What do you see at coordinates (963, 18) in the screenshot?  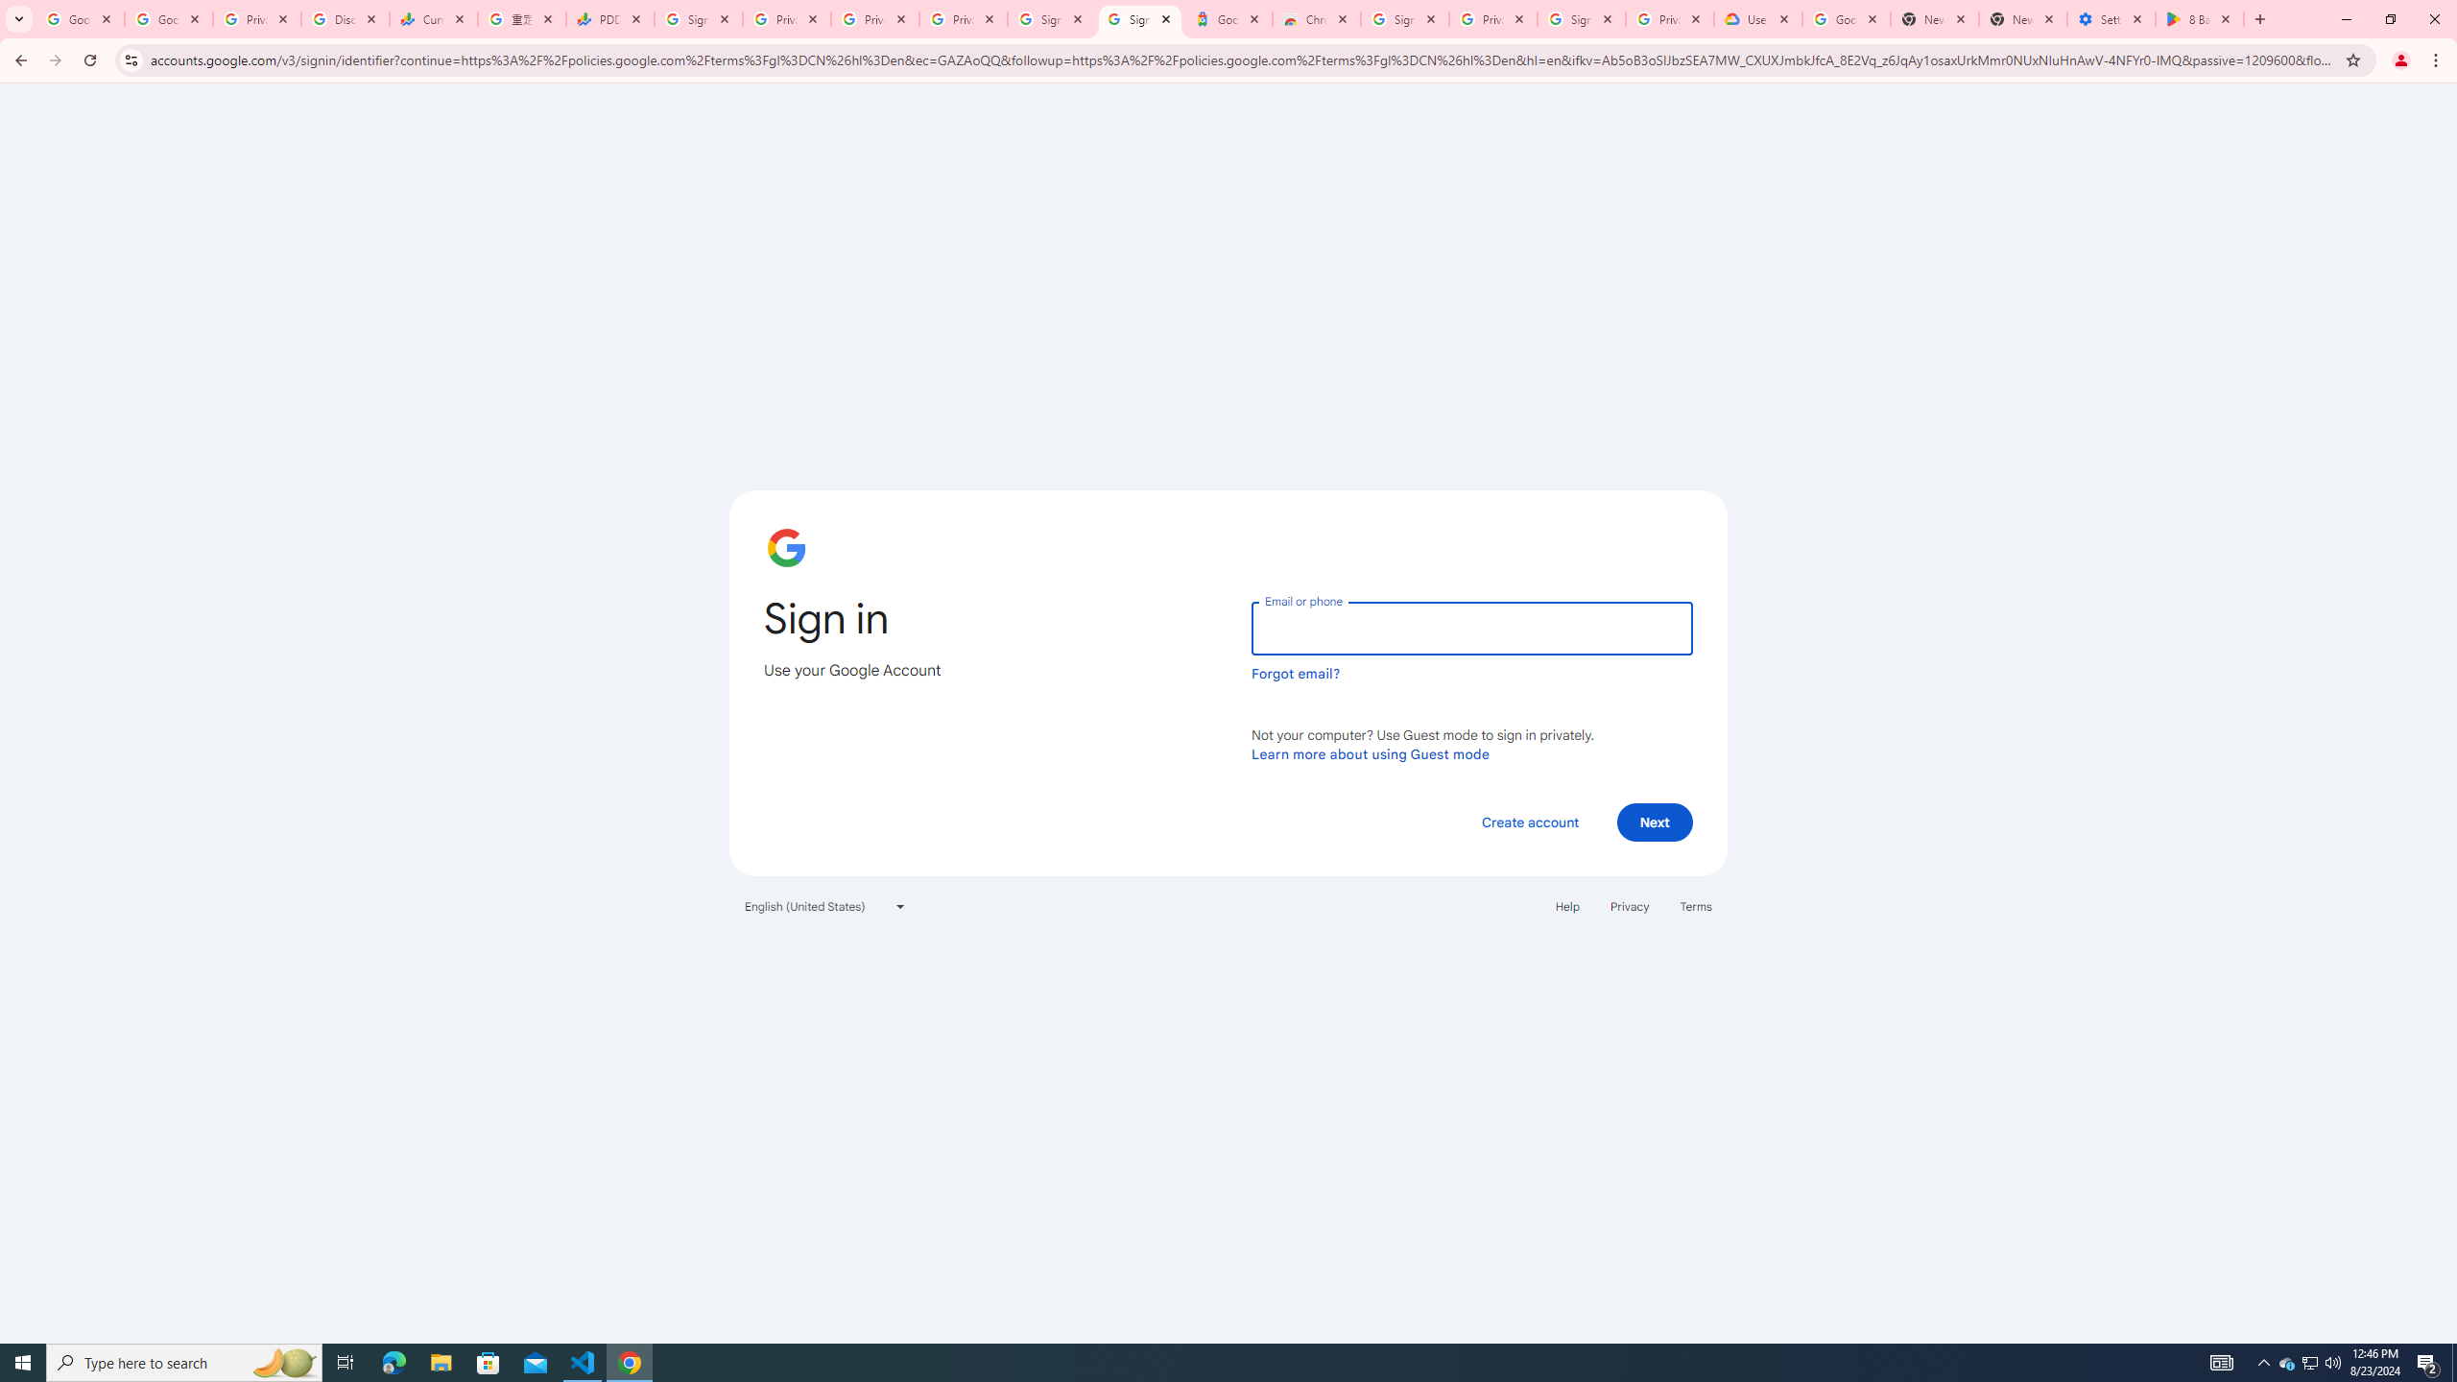 I see `'Privacy Checkup'` at bounding box center [963, 18].